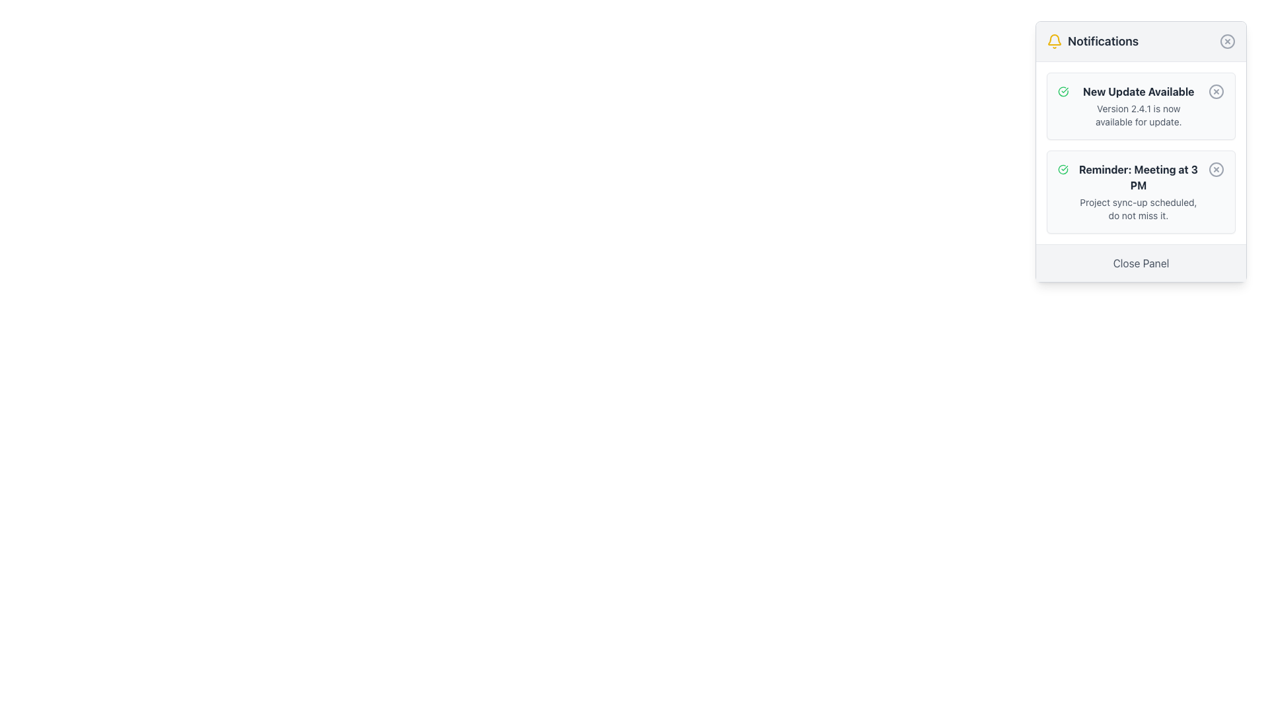  What do you see at coordinates (1063, 169) in the screenshot?
I see `the state of the circular success icon with a checkmark inside, located at the top-left corner of the notification card labeled 'Reminder: Meeting at 3 PM'` at bounding box center [1063, 169].